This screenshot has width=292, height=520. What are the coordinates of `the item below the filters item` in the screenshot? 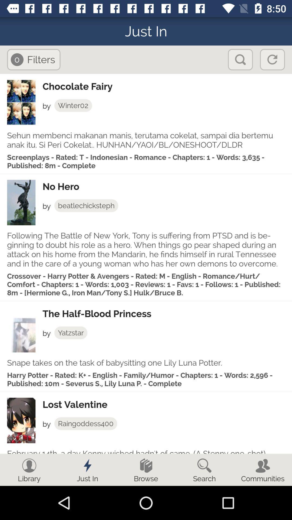 It's located at (167, 86).